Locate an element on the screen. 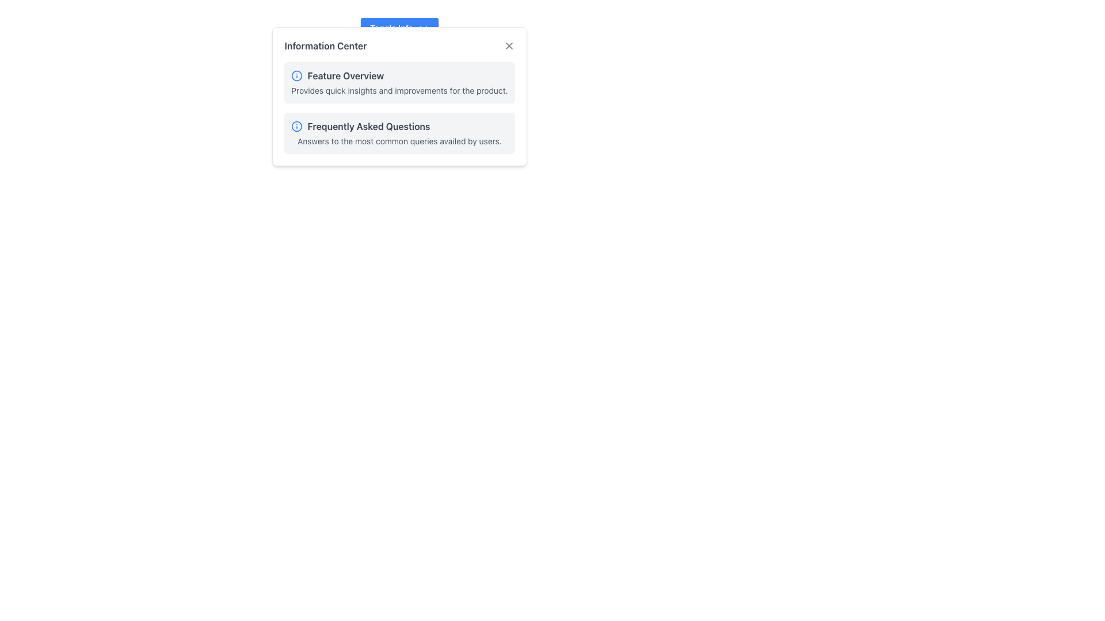 This screenshot has height=621, width=1105. the Informational content block located in the 'Information Center', which contains the sections 'Feature Overview' and 'Frequently Asked Questions' is located at coordinates (399, 108).